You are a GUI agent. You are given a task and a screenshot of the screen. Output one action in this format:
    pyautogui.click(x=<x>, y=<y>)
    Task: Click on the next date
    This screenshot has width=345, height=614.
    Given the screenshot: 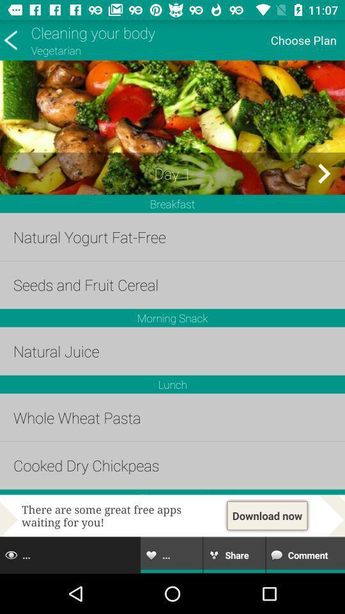 What is the action you would take?
    pyautogui.click(x=324, y=173)
    